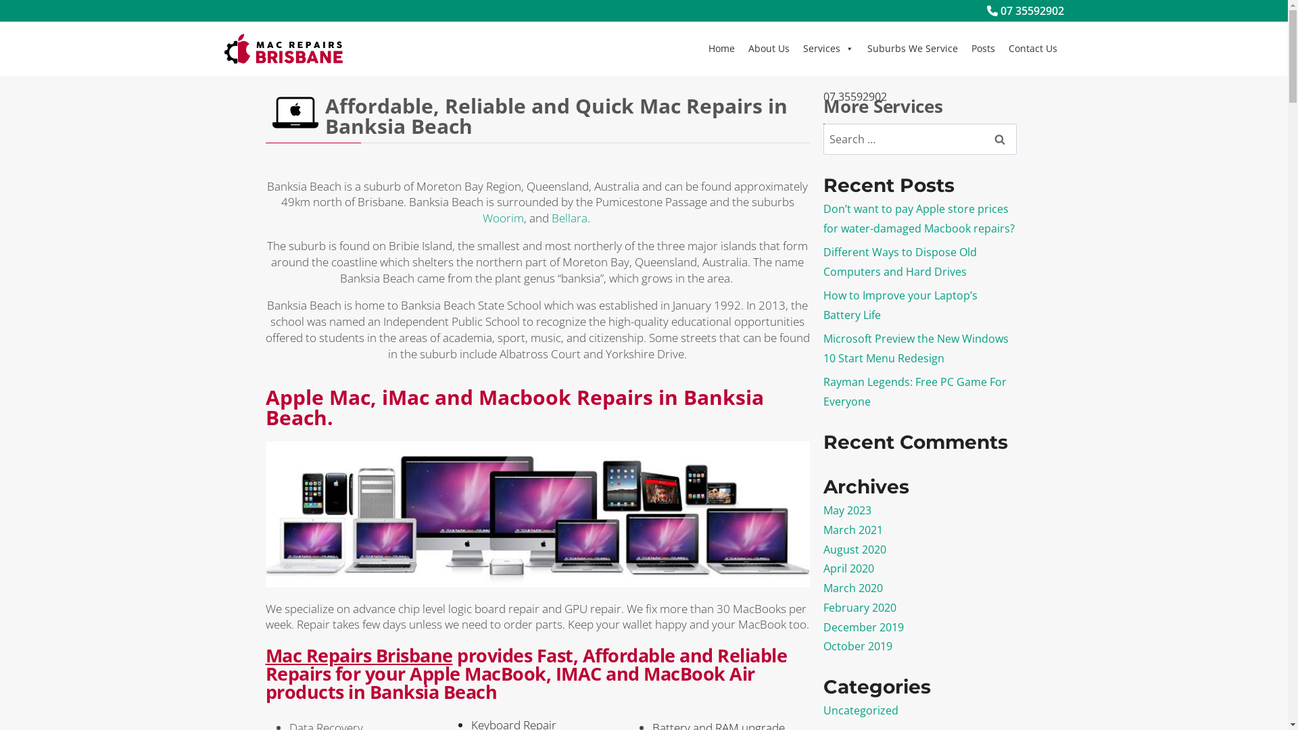 The height and width of the screenshot is (730, 1298). I want to click on 'April 2020', so click(848, 568).